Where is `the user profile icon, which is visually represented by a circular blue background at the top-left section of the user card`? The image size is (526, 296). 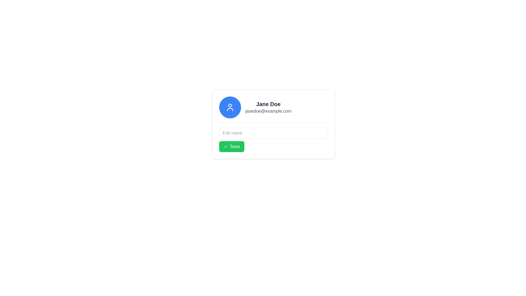
the user profile icon, which is visually represented by a circular blue background at the top-left section of the user card is located at coordinates (230, 107).